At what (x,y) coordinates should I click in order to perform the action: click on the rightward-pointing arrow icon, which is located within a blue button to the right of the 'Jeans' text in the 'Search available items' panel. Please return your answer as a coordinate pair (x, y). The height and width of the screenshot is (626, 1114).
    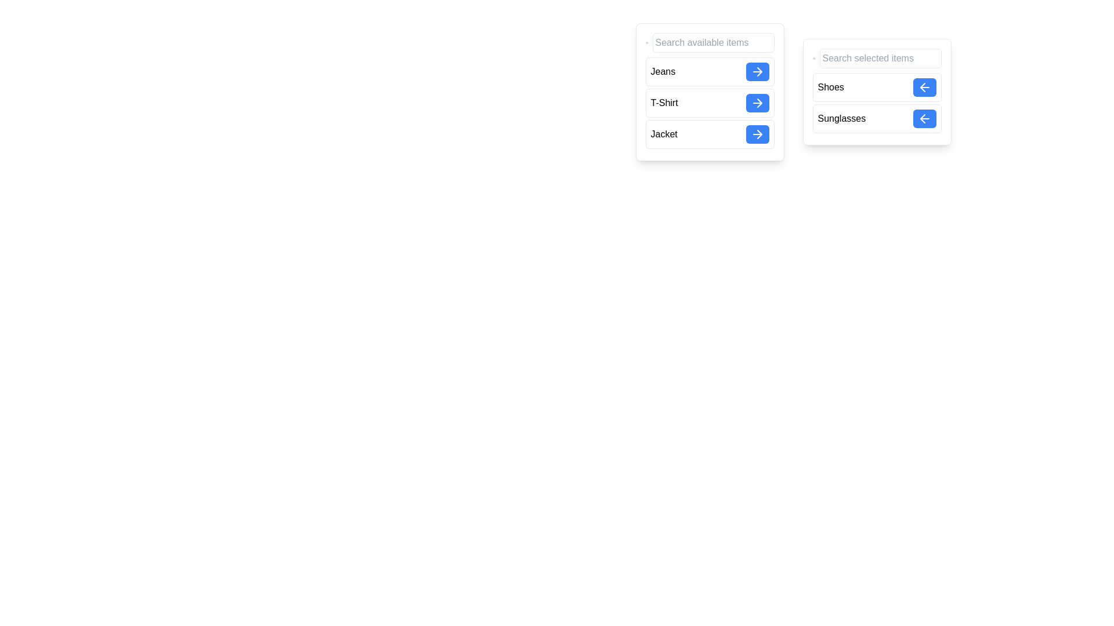
    Looking at the image, I should click on (757, 71).